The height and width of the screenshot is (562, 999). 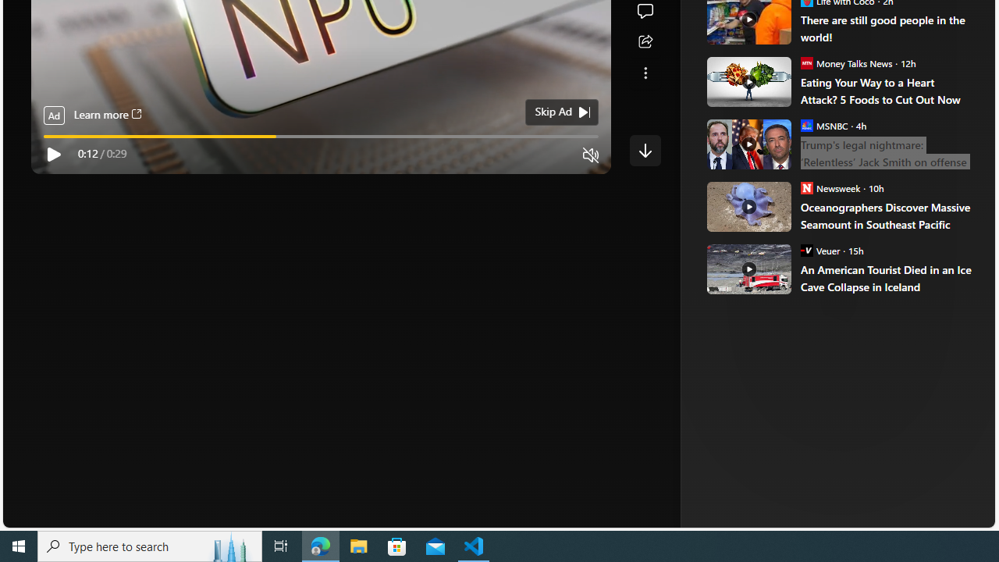 What do you see at coordinates (806, 124) in the screenshot?
I see `'MSNBC'` at bounding box center [806, 124].